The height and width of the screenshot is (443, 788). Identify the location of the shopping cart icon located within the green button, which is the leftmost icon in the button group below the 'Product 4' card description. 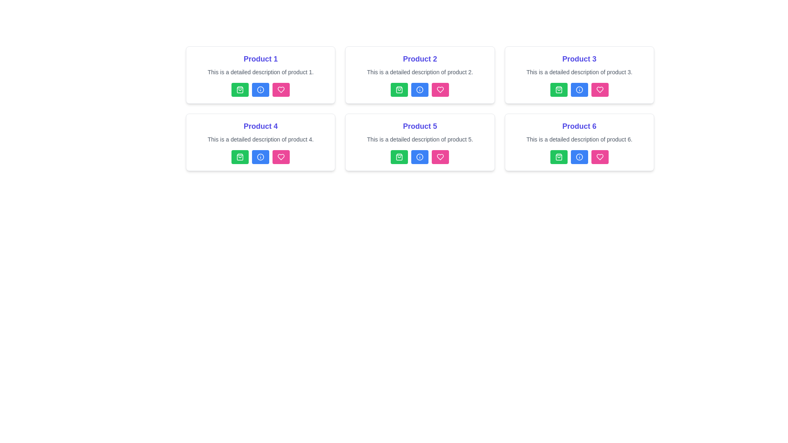
(240, 157).